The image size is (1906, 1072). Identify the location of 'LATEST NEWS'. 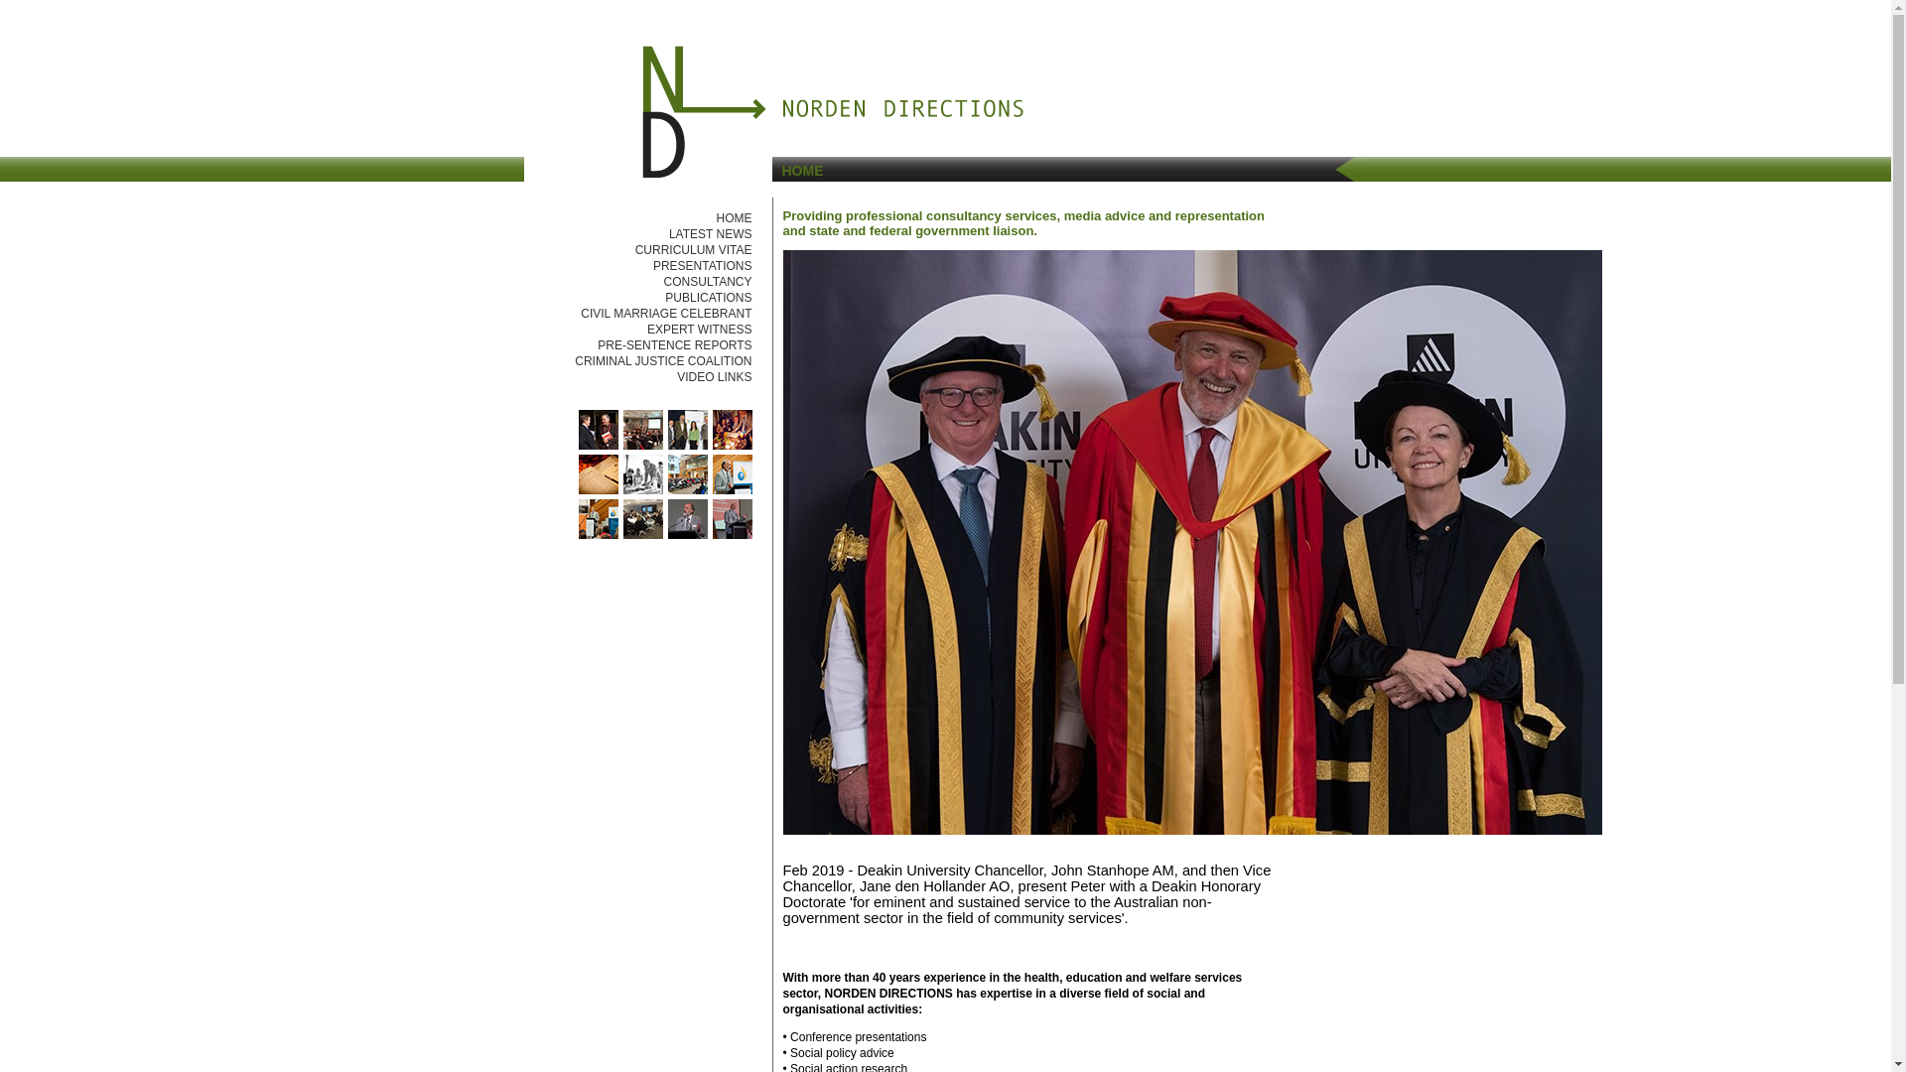
(710, 232).